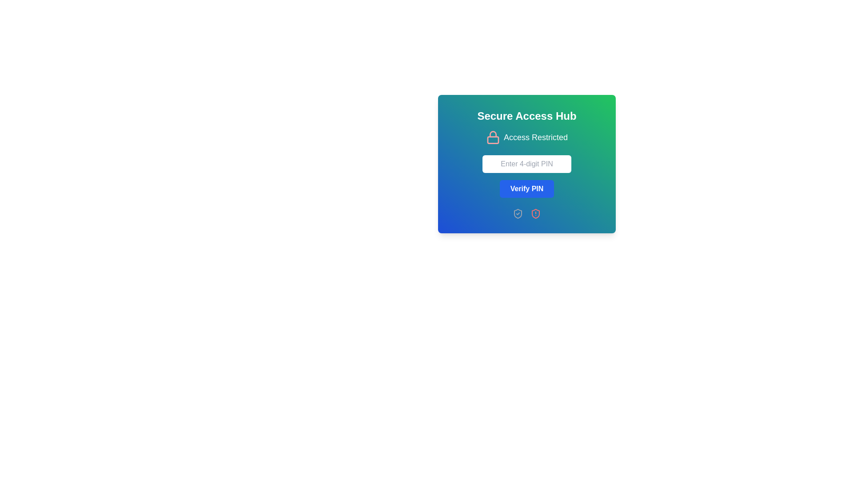 The image size is (853, 479). Describe the element at coordinates (518, 214) in the screenshot. I see `the shield icon with a check mark in the center, styled with a gray color and a rounded stroke outline, located in the 'Secure Access Hub' modal, to the left of the shield icon with an alert mark` at that location.